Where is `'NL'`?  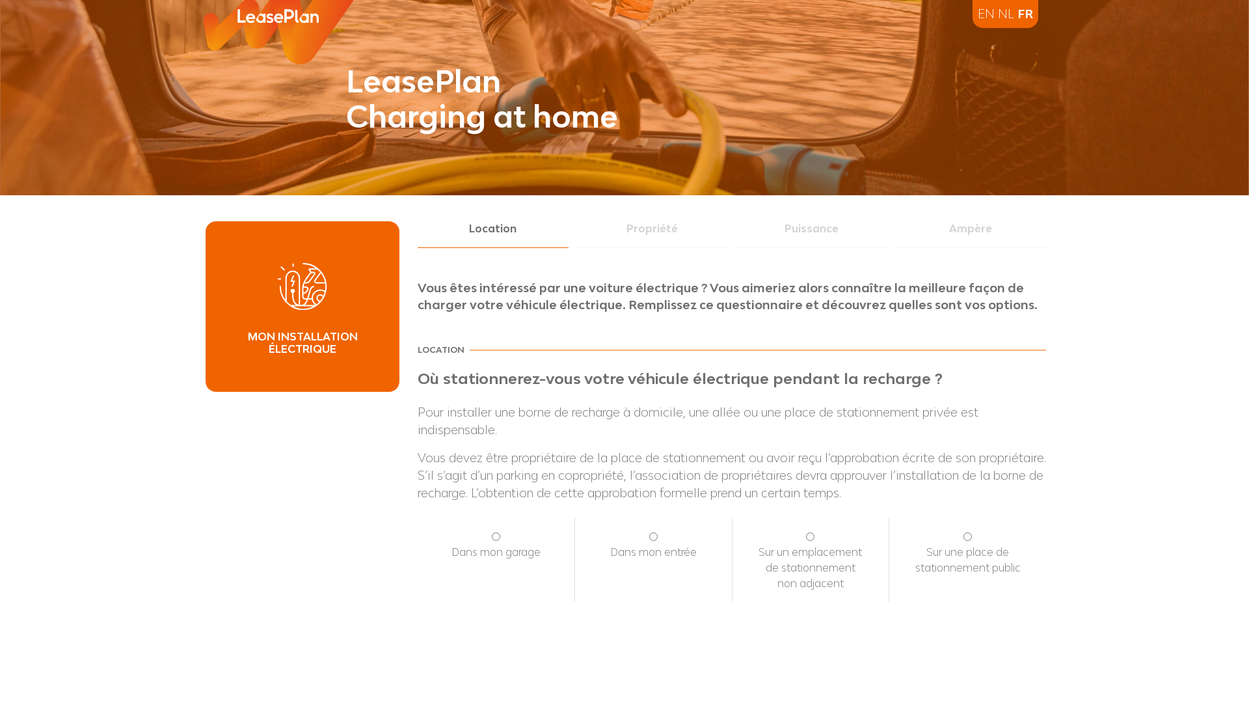 'NL' is located at coordinates (997, 13).